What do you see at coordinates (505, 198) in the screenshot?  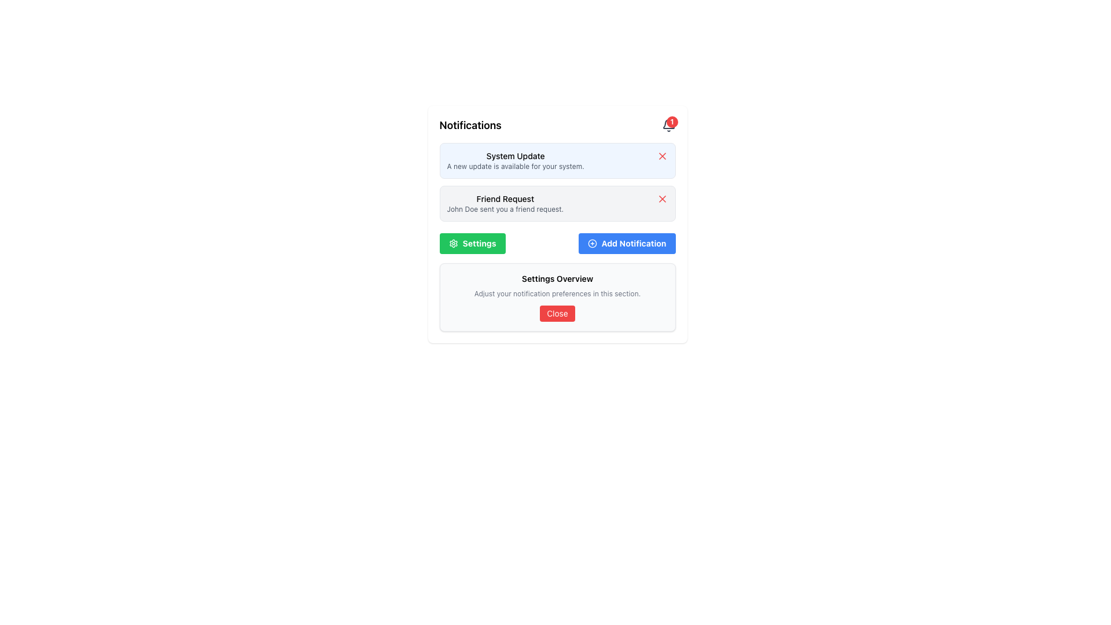 I see `text label displaying 'Friend Request' which is bold and styled as a heading within a notification card for a friend request` at bounding box center [505, 198].